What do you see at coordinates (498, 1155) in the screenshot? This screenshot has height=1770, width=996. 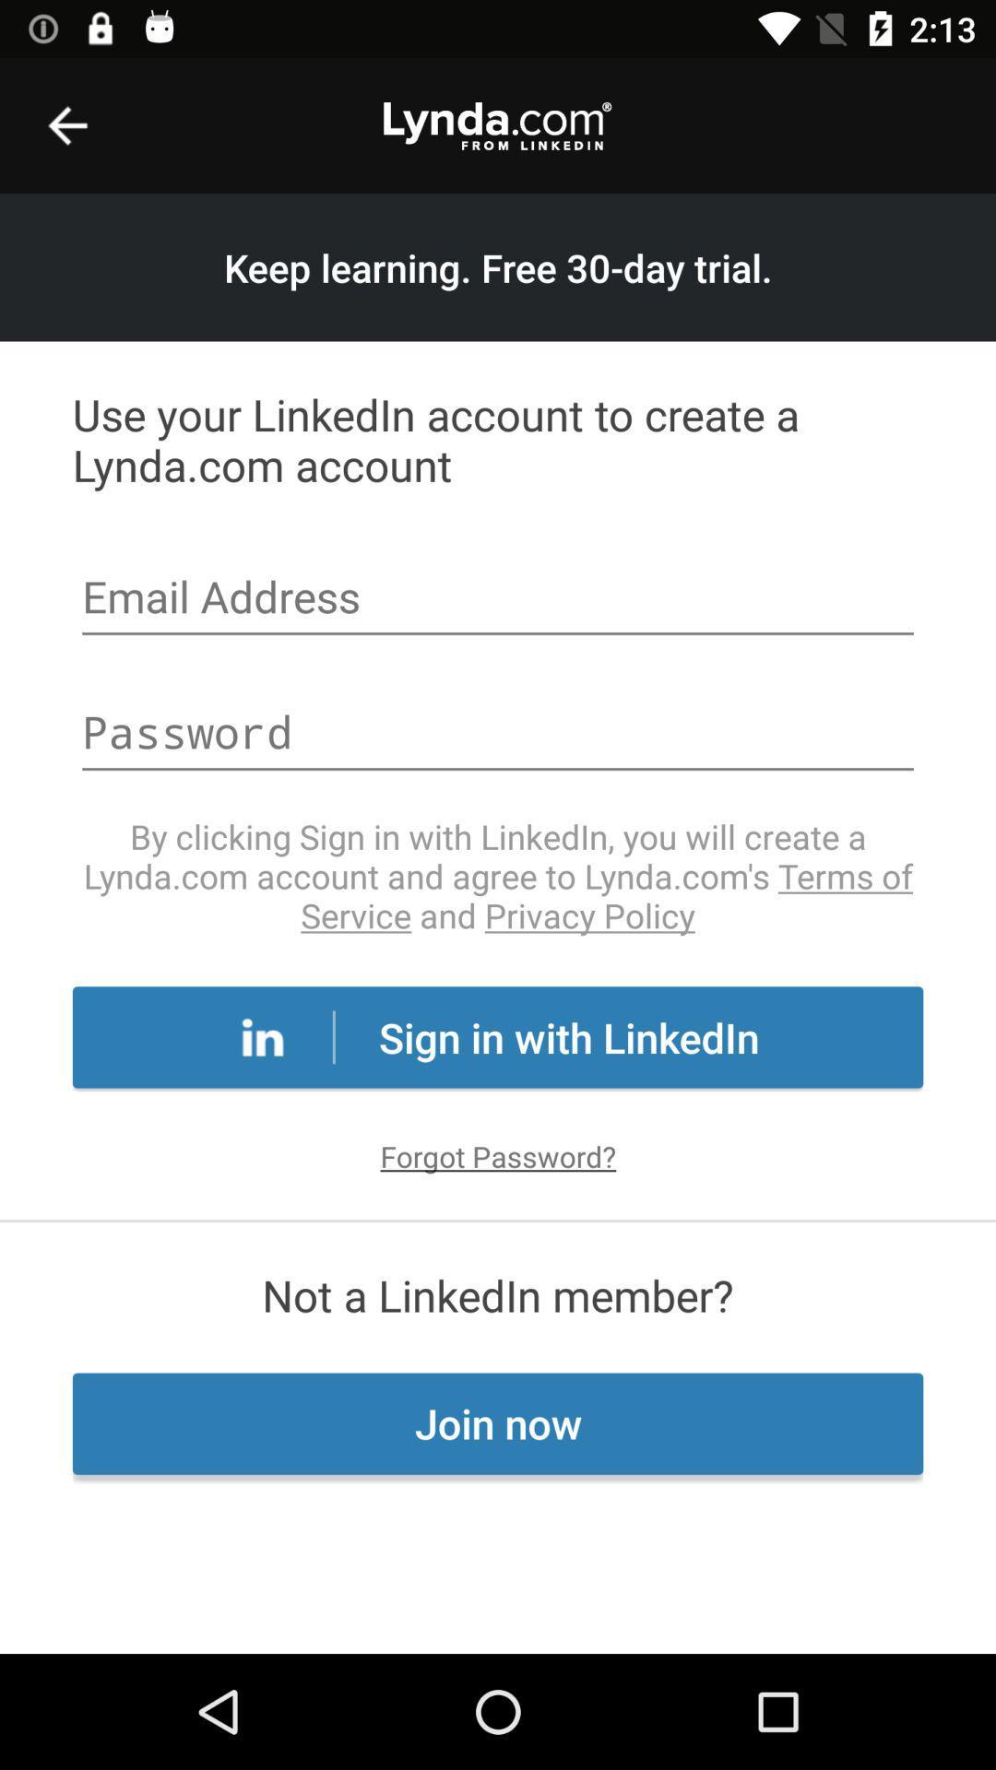 I see `forgot password? icon` at bounding box center [498, 1155].